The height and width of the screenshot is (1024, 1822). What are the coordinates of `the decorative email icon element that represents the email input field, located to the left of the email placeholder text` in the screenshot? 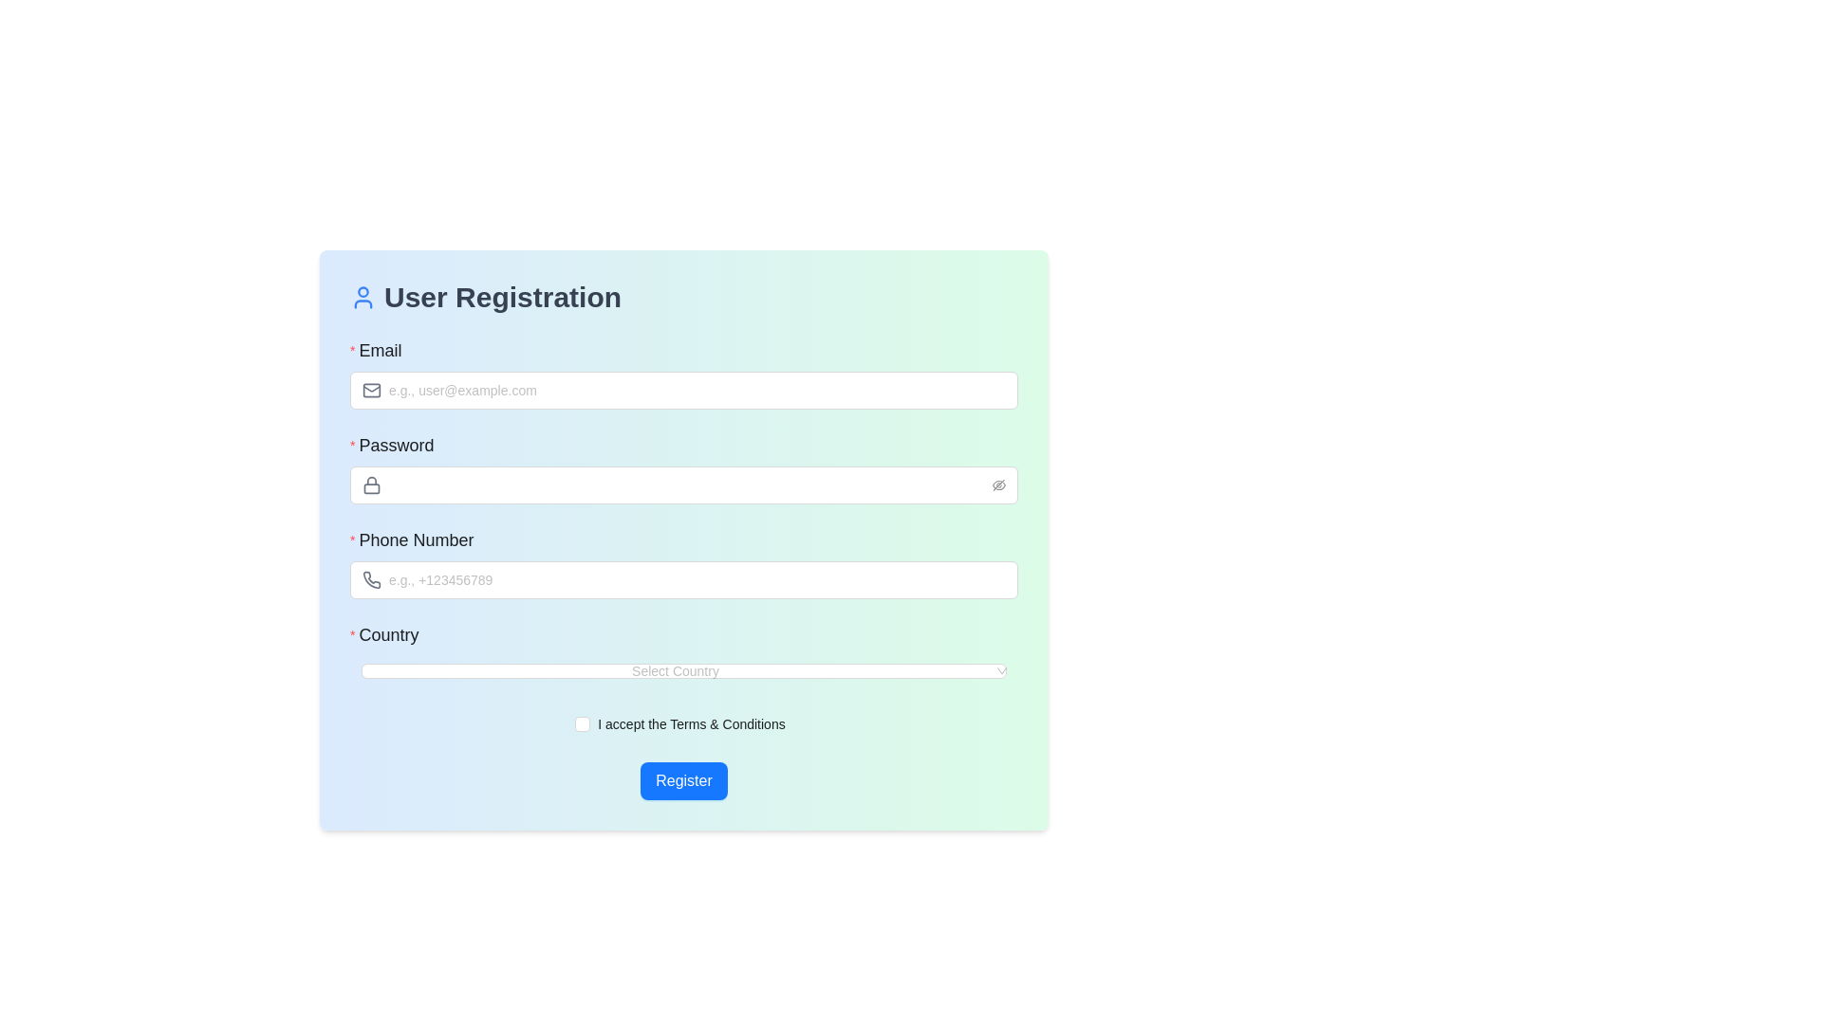 It's located at (373, 390).